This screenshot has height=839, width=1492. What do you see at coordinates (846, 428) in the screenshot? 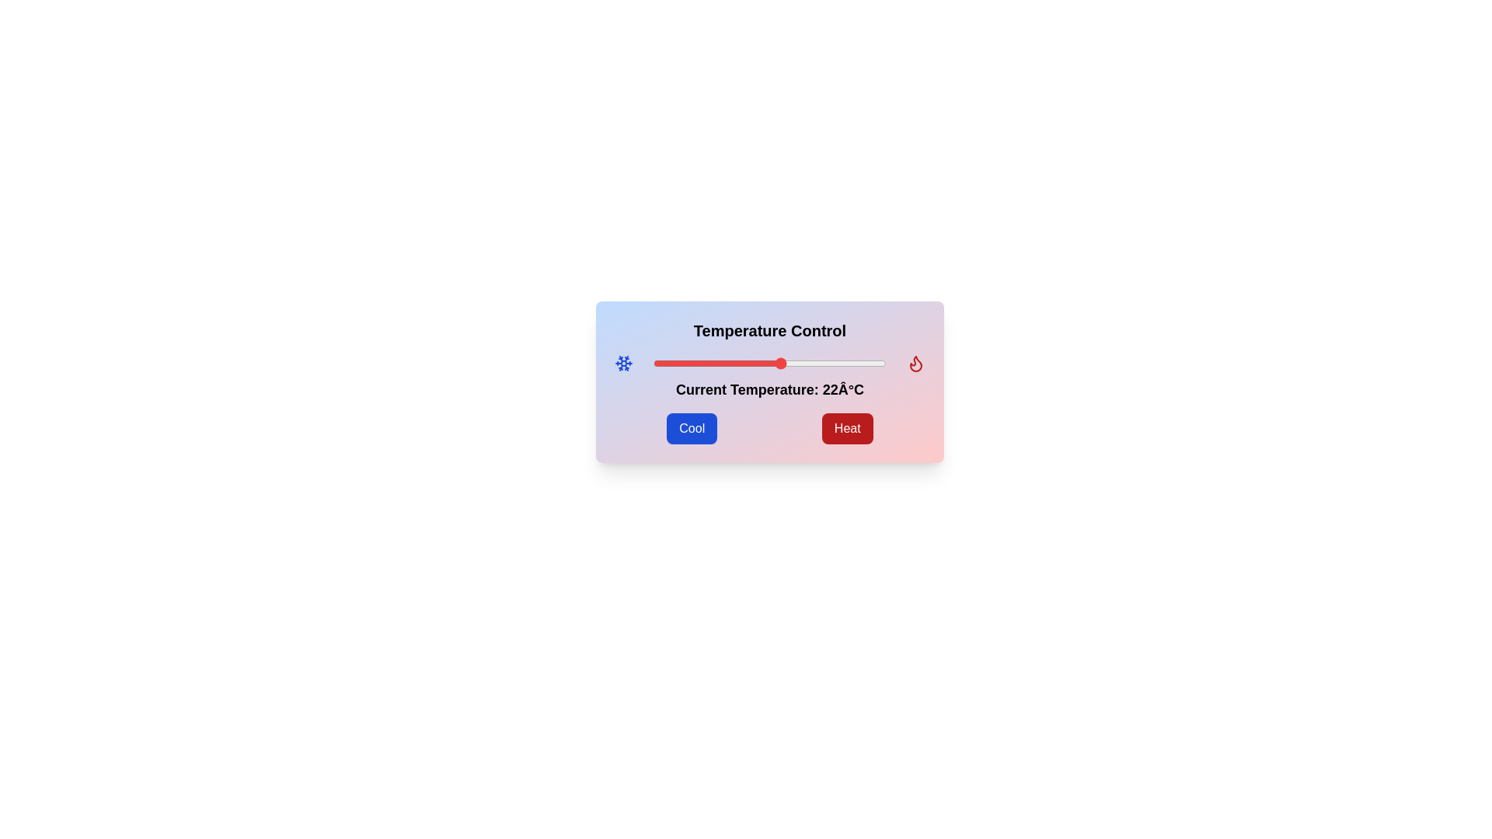
I see `the 'Heat' button to trigger the heating action` at bounding box center [846, 428].